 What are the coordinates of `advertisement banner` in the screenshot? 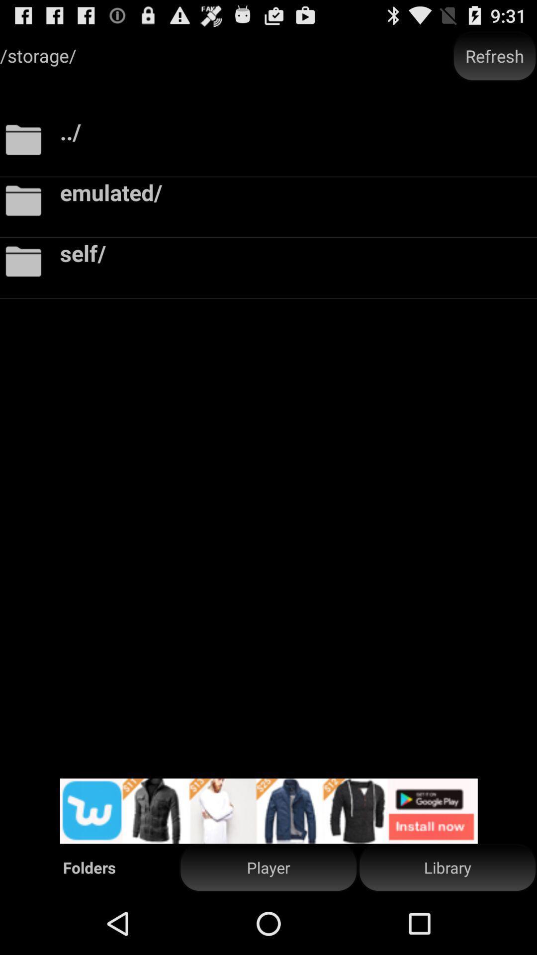 It's located at (268, 811).